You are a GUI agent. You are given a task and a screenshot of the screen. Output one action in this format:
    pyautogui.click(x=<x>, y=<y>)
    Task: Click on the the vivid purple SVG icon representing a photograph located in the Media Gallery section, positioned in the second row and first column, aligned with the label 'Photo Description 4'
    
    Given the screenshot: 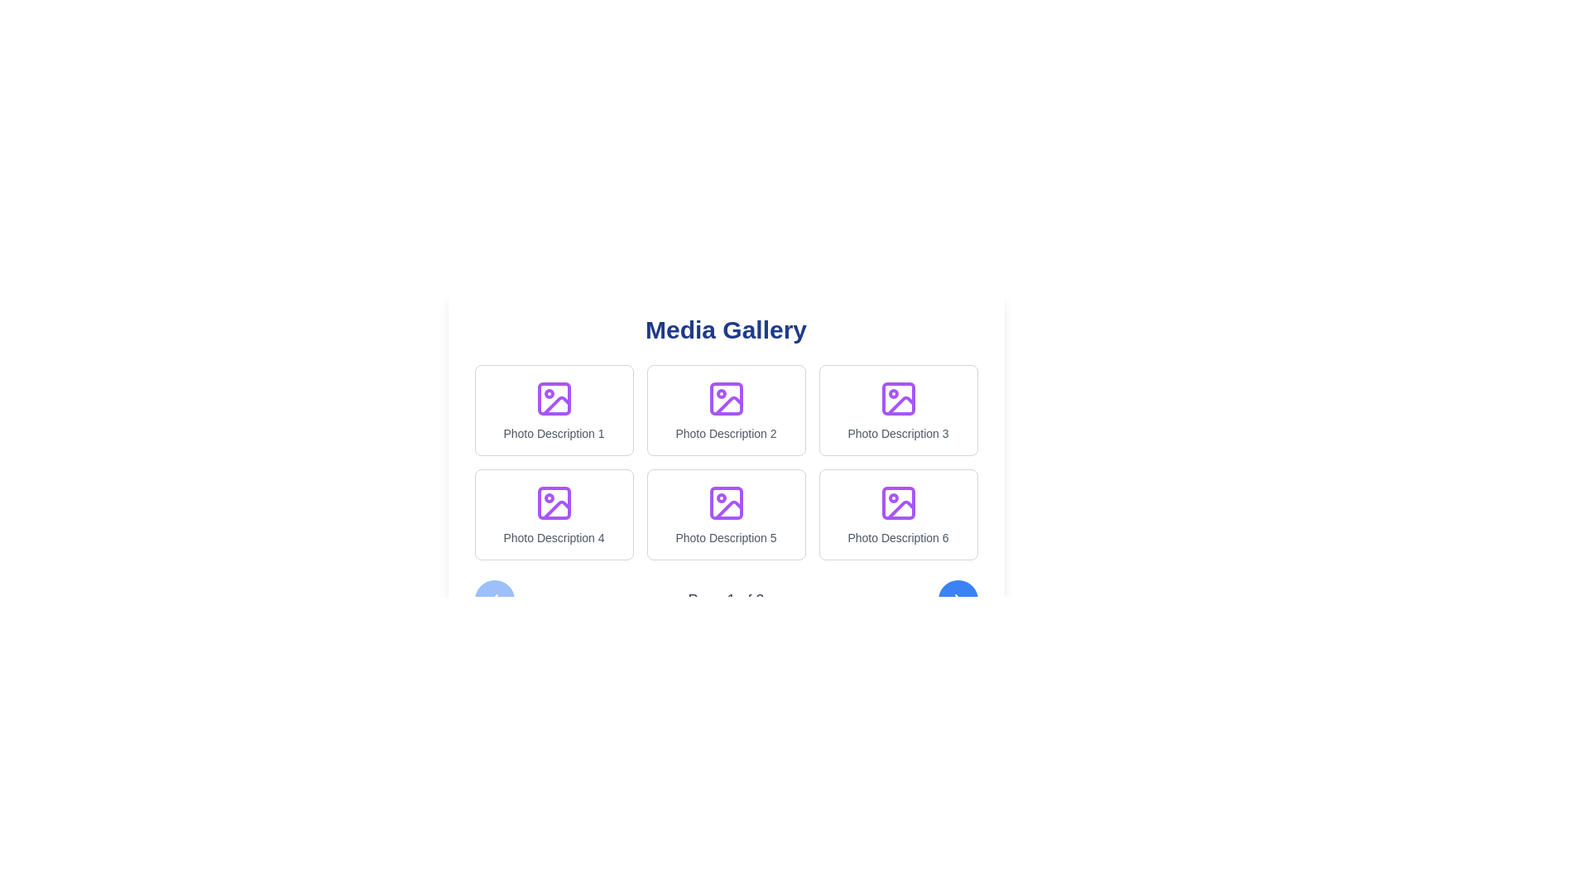 What is the action you would take?
    pyautogui.click(x=554, y=502)
    